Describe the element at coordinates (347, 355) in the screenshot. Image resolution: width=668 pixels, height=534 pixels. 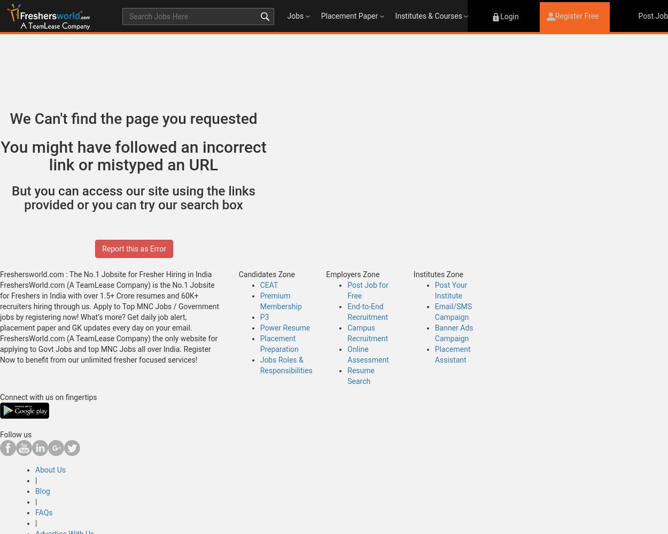
I see `'Online Assessment'` at that location.